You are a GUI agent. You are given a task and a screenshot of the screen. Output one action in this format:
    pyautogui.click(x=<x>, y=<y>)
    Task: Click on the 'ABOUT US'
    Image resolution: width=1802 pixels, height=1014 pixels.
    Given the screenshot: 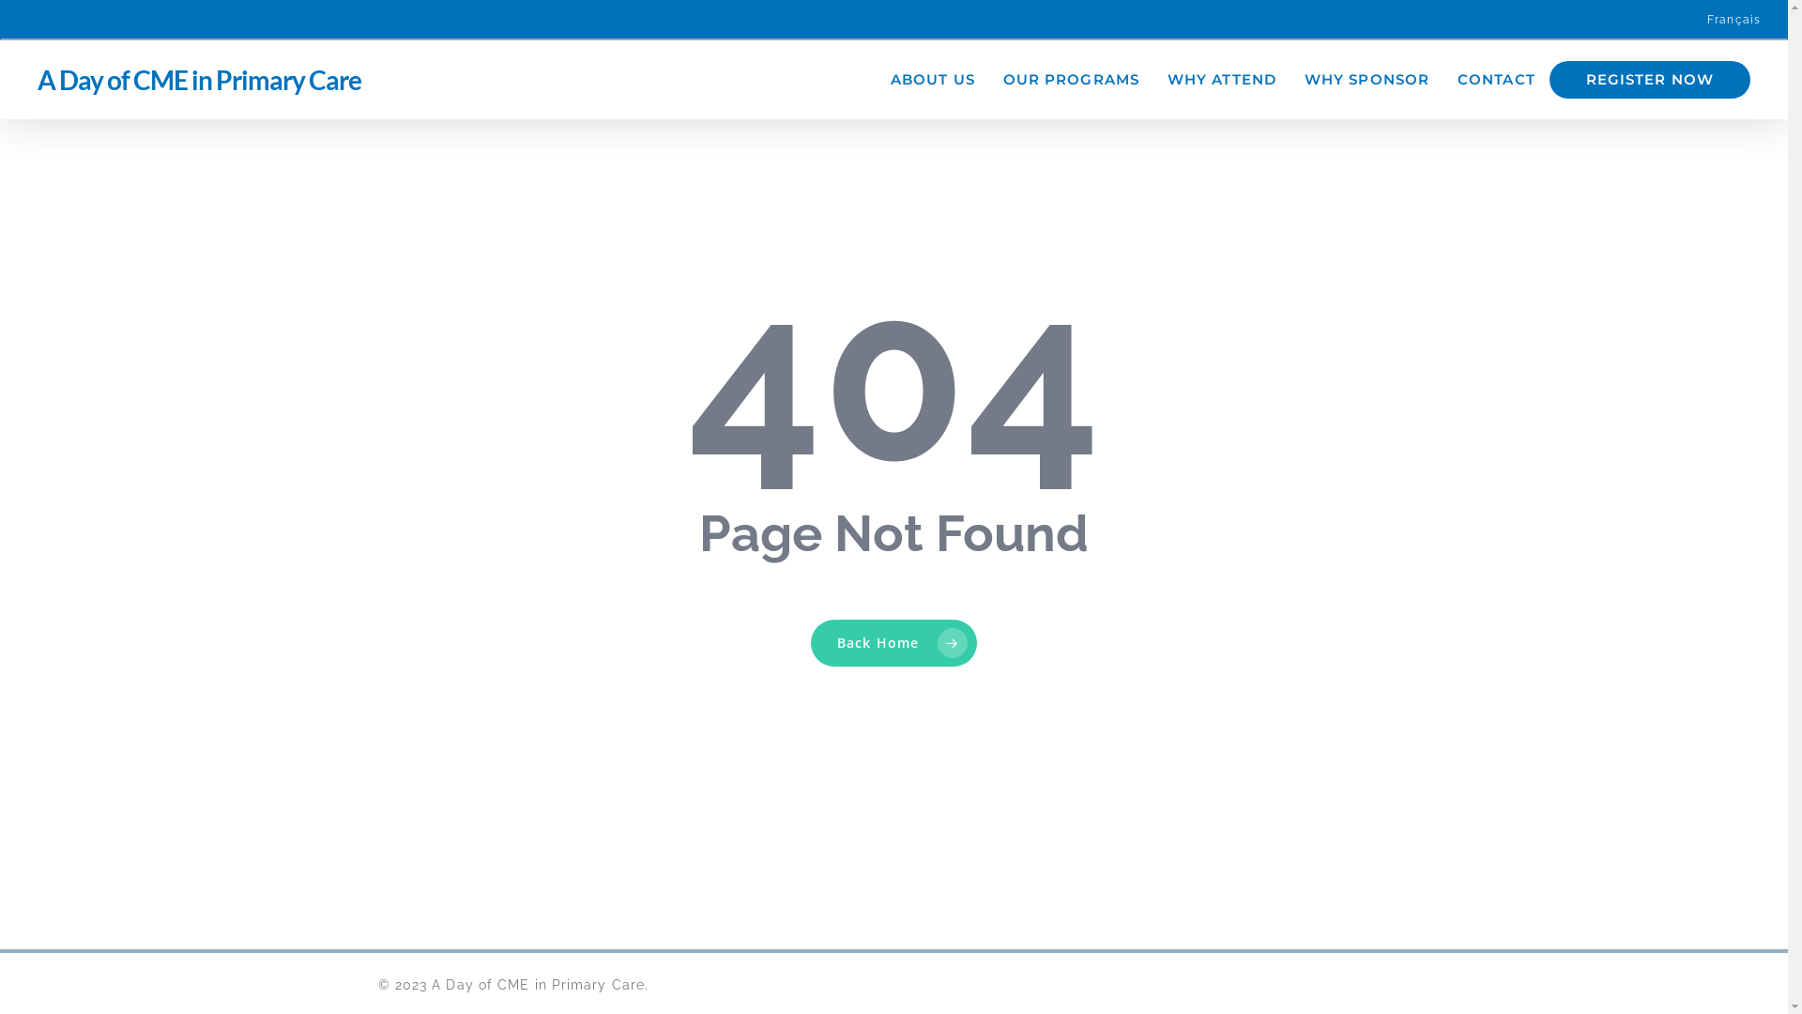 What is the action you would take?
    pyautogui.click(x=932, y=78)
    